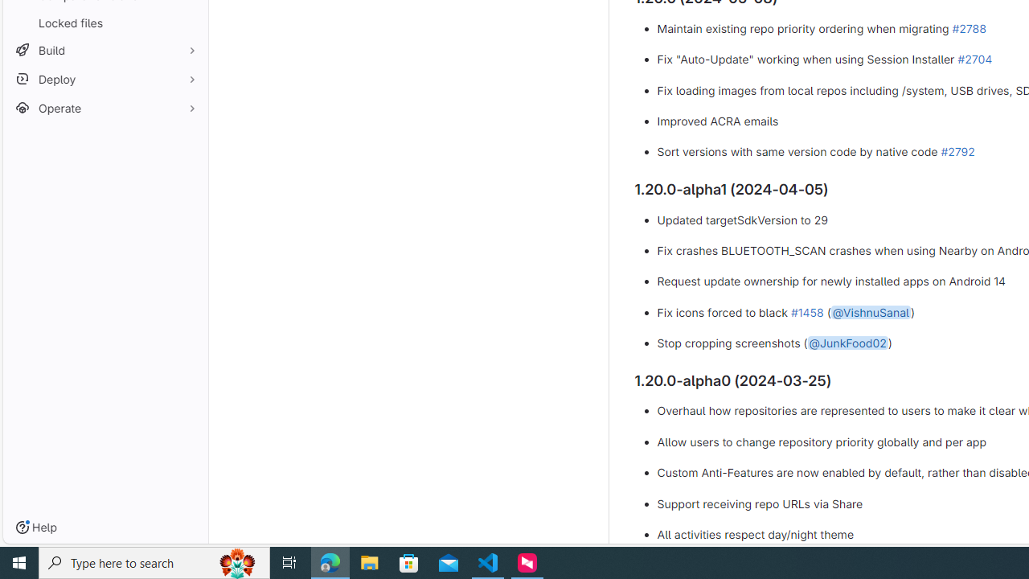 The width and height of the screenshot is (1029, 579). What do you see at coordinates (188, 23) in the screenshot?
I see `'Pin Locked files'` at bounding box center [188, 23].